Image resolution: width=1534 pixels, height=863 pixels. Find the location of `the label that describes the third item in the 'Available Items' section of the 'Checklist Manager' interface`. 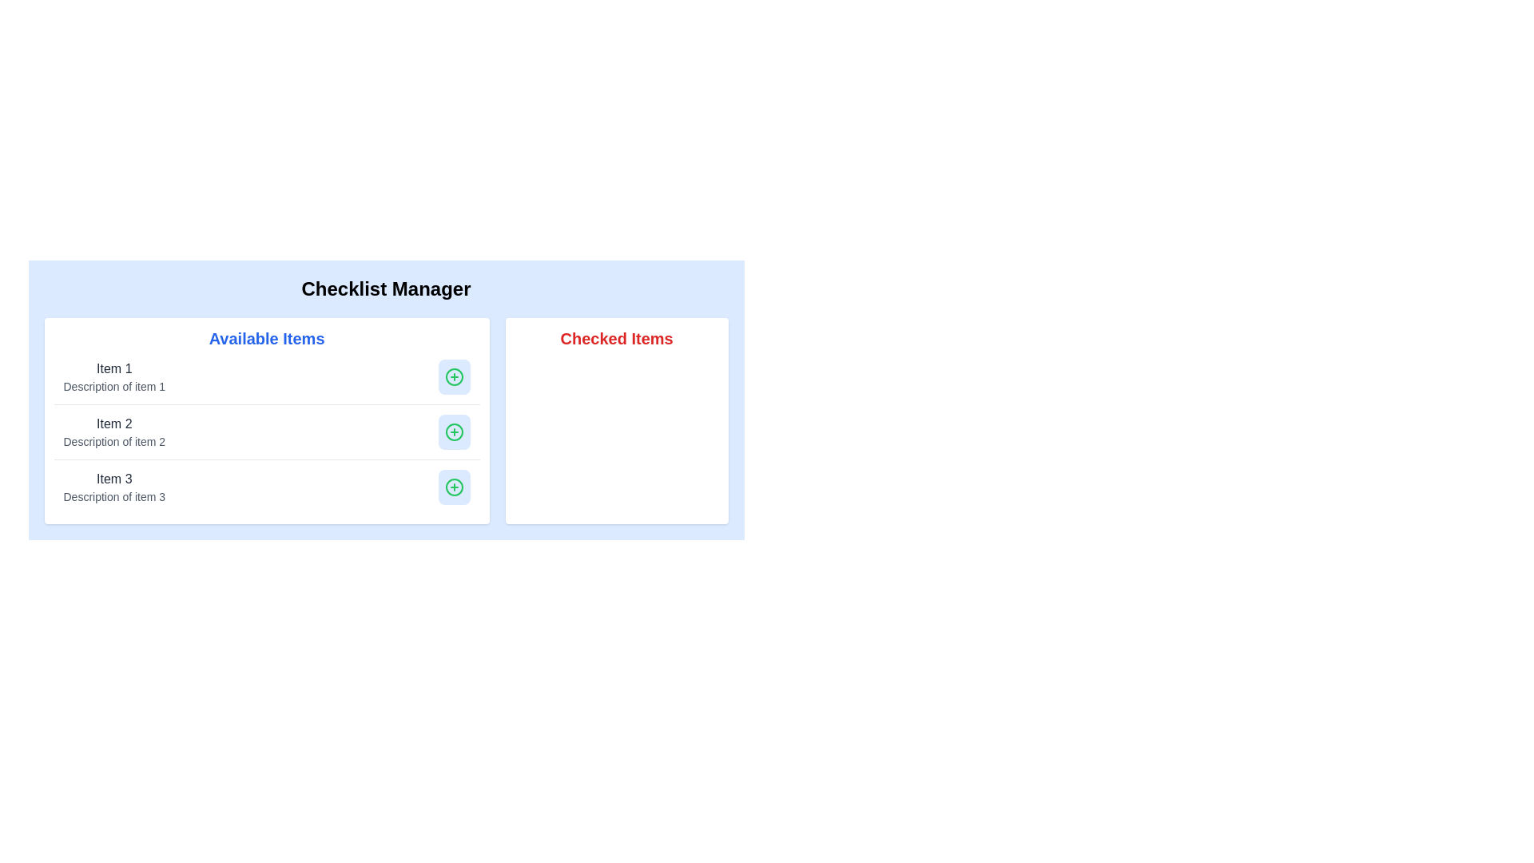

the label that describes the third item in the 'Available Items' section of the 'Checklist Manager' interface is located at coordinates (113, 486).